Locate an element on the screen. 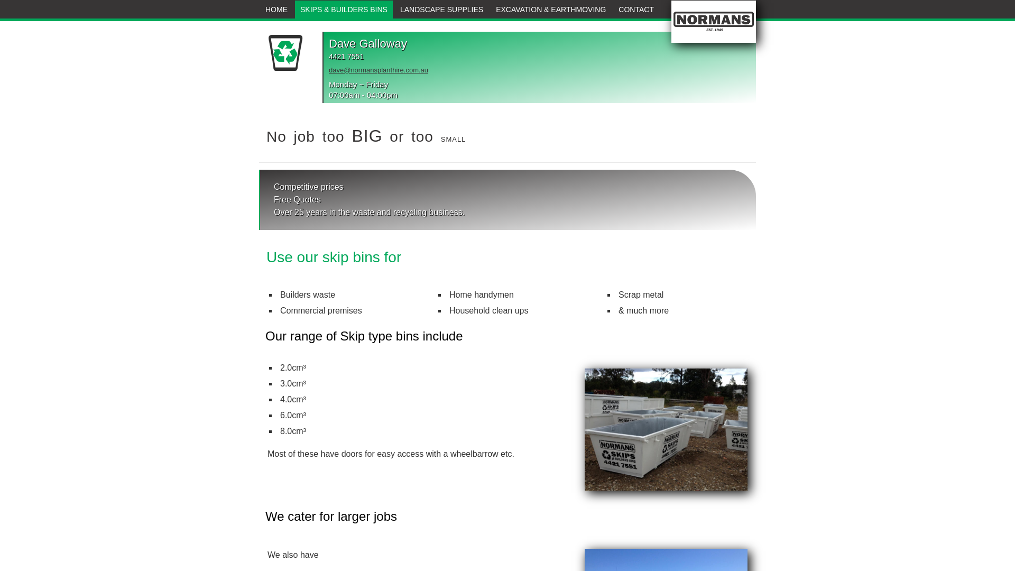 The height and width of the screenshot is (571, 1015). 'dave@normansplanthire.com.au' is located at coordinates (378, 70).